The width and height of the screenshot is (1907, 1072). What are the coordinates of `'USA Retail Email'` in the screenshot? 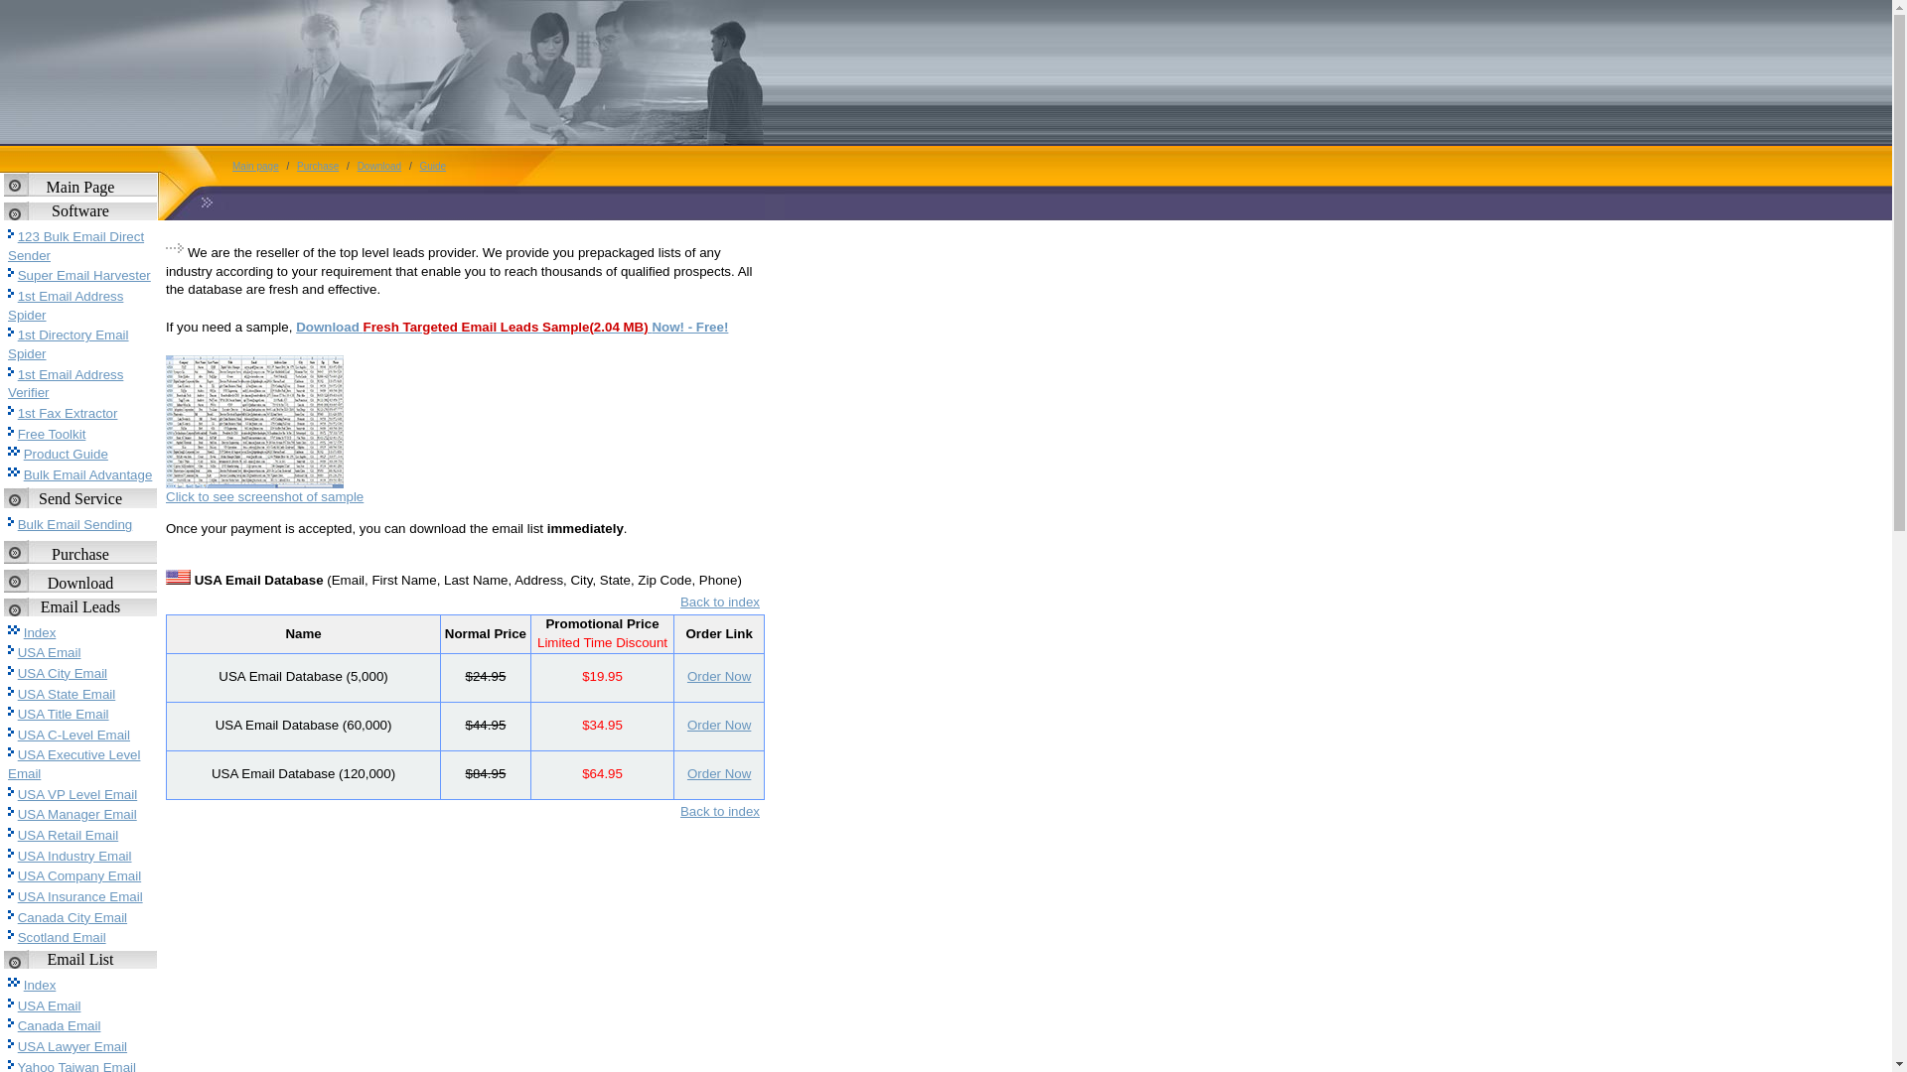 It's located at (68, 835).